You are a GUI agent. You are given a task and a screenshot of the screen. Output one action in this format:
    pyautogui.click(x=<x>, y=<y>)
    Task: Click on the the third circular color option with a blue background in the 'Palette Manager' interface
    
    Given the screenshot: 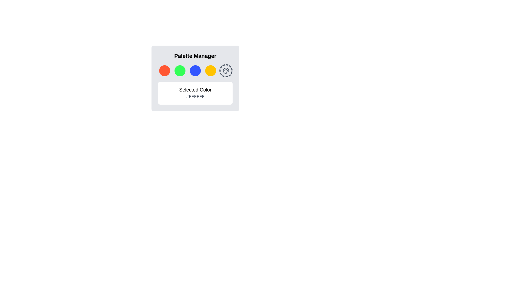 What is the action you would take?
    pyautogui.click(x=195, y=70)
    